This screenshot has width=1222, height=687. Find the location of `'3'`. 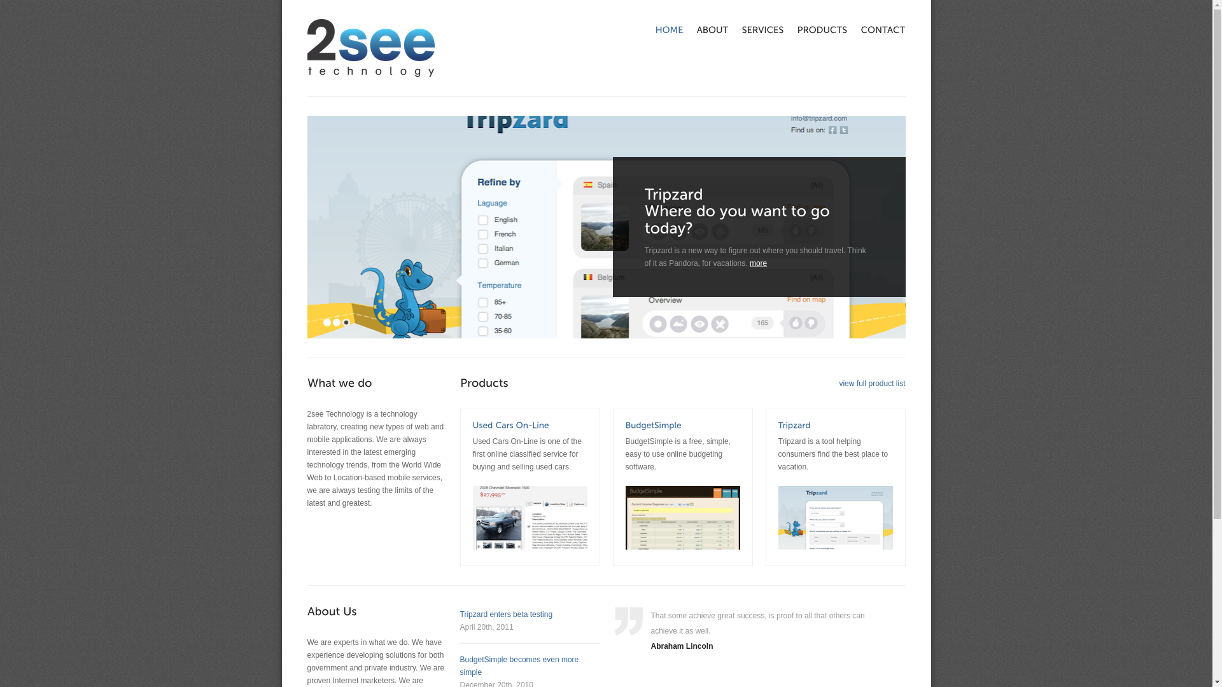

'3' is located at coordinates (346, 321).